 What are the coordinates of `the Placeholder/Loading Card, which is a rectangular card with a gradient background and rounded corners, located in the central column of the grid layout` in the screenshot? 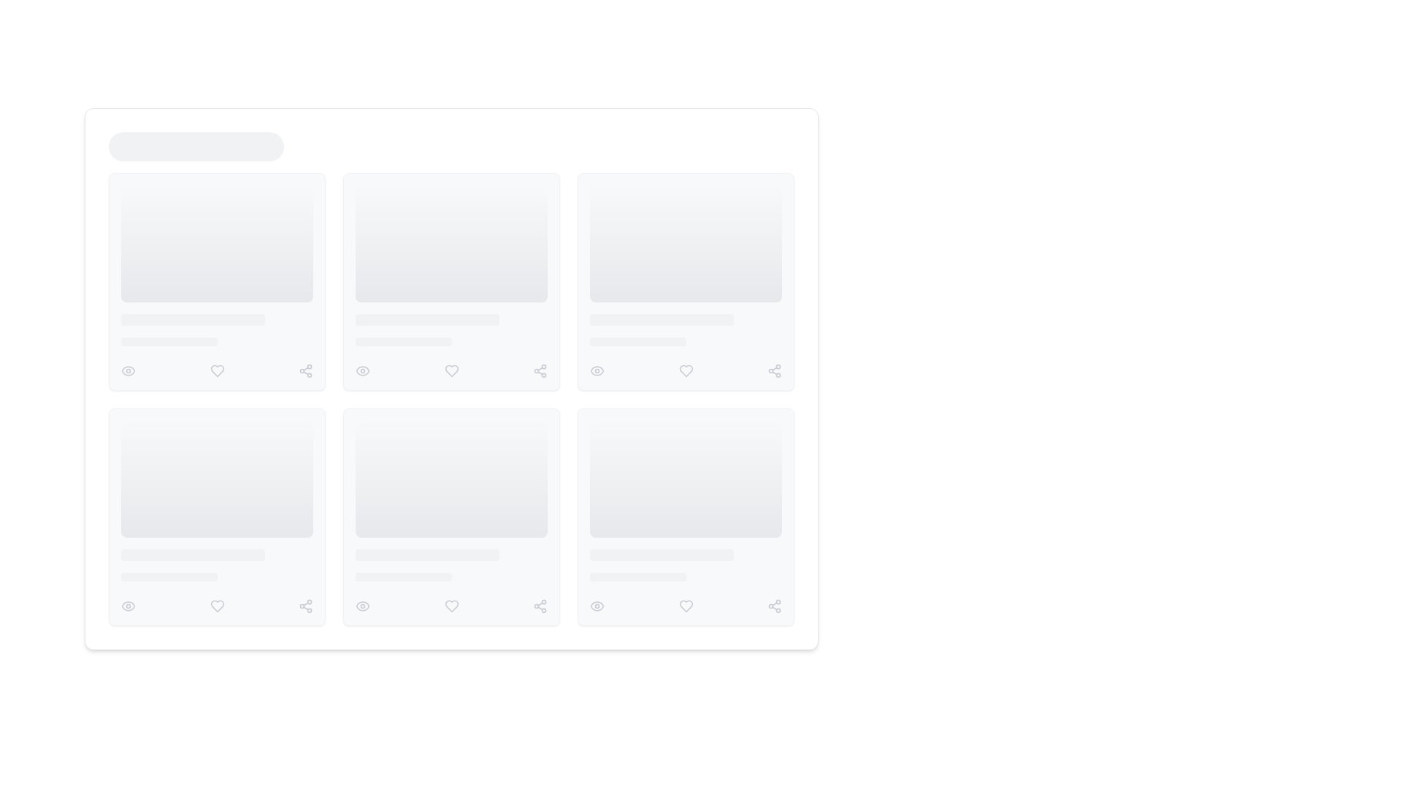 It's located at (451, 281).